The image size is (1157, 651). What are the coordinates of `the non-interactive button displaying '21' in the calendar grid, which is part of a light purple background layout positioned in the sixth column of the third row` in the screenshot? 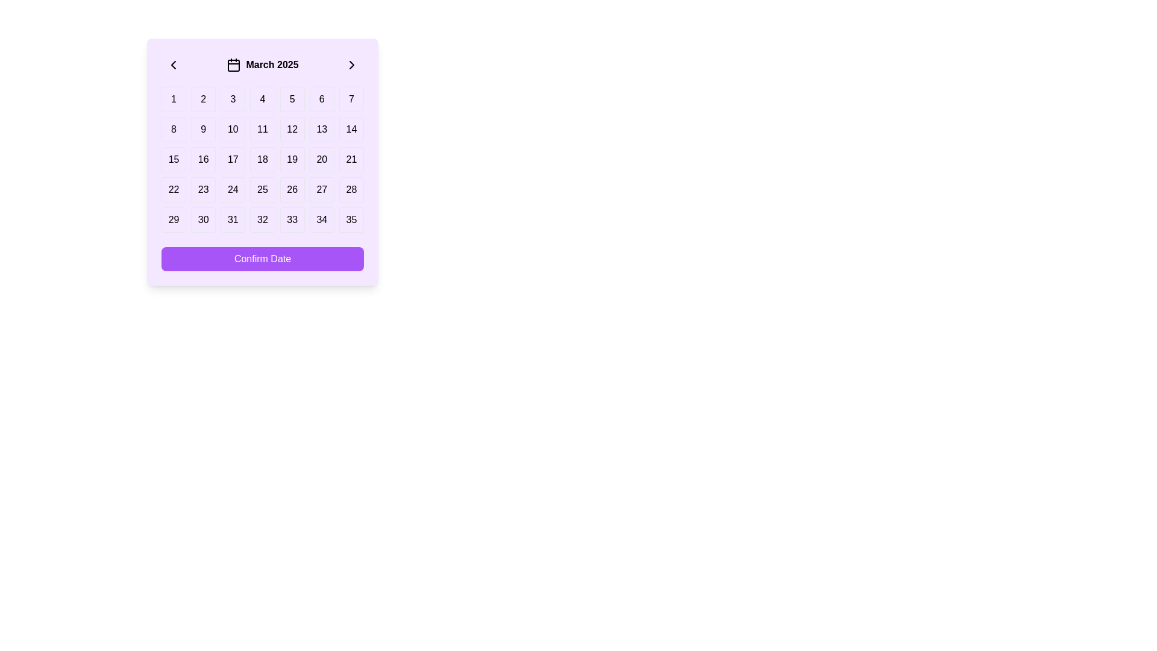 It's located at (351, 159).